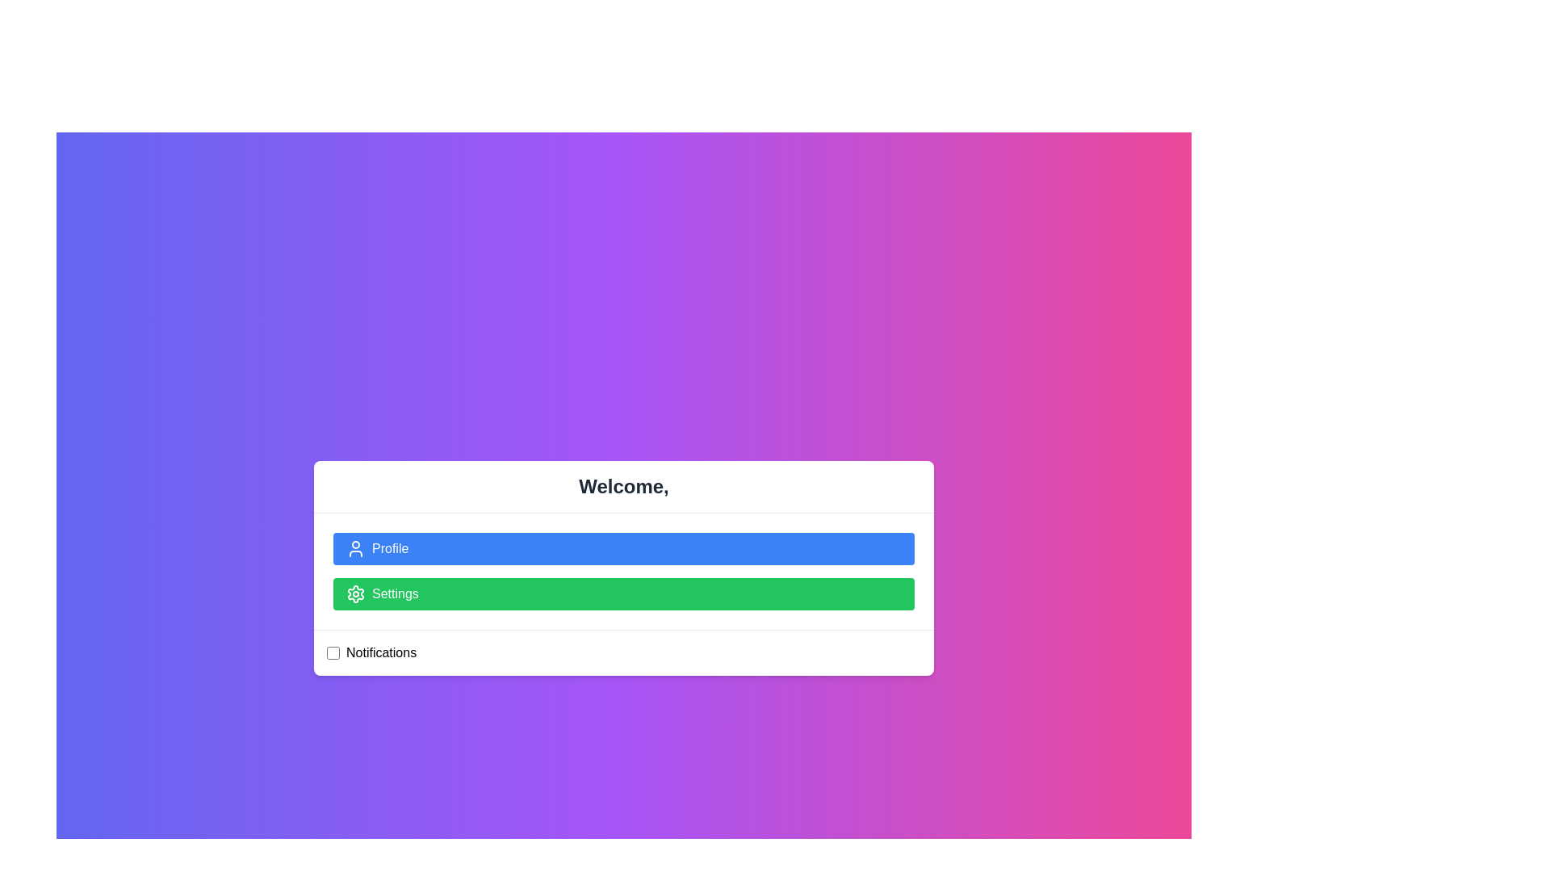 This screenshot has height=872, width=1550. What do you see at coordinates (355, 547) in the screenshot?
I see `the 'Profile' button associated with the user silhouette icon located in the top-left corner of the blue rectangular button labeled 'Profile'` at bounding box center [355, 547].